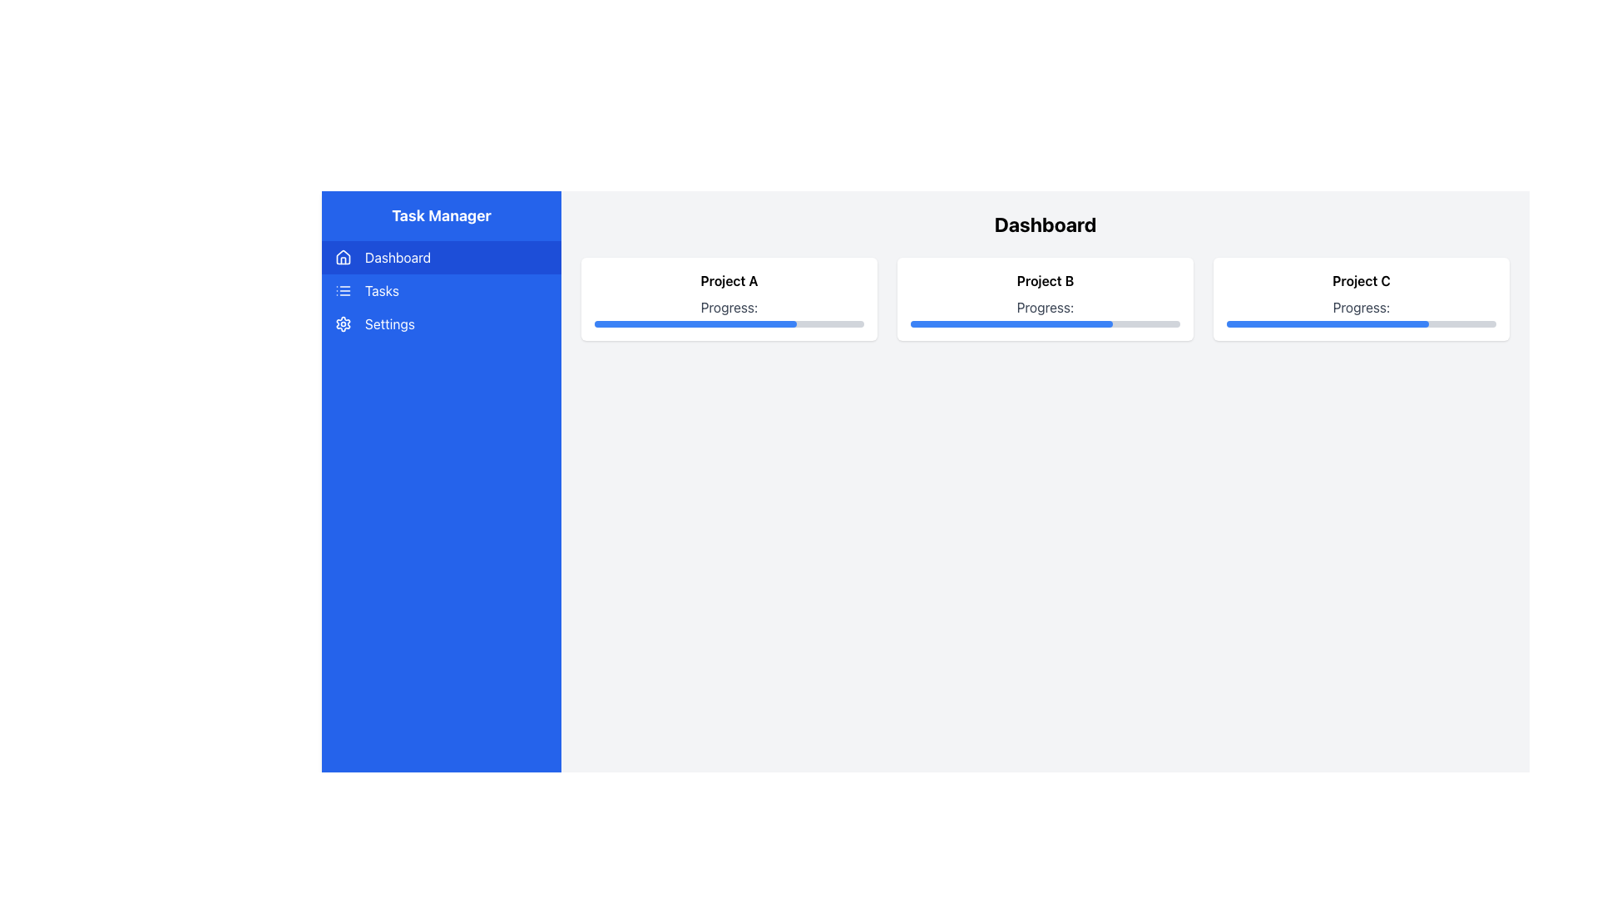 The image size is (1597, 898). What do you see at coordinates (1011, 323) in the screenshot?
I see `the blue-colored progress indicator bar, which is filled to three-fourths of its length and located in the 'Project B' section of the interface` at bounding box center [1011, 323].